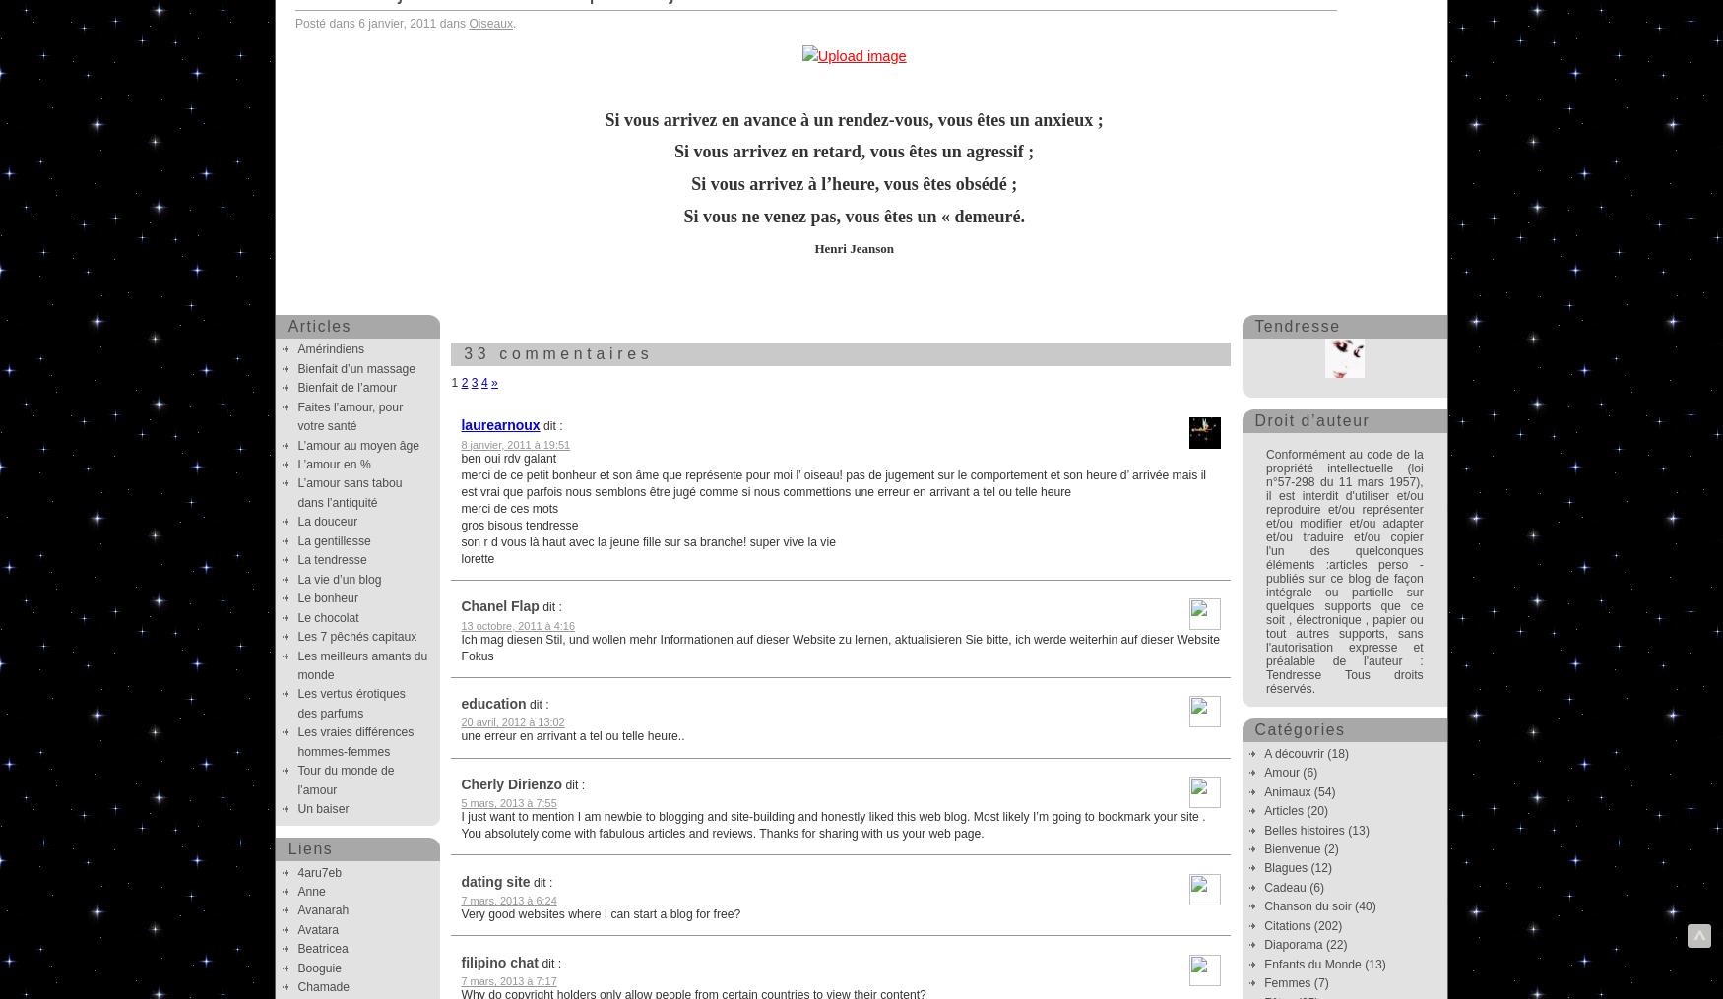 This screenshot has height=999, width=1723. What do you see at coordinates (1286, 982) in the screenshot?
I see `'Femmes'` at bounding box center [1286, 982].